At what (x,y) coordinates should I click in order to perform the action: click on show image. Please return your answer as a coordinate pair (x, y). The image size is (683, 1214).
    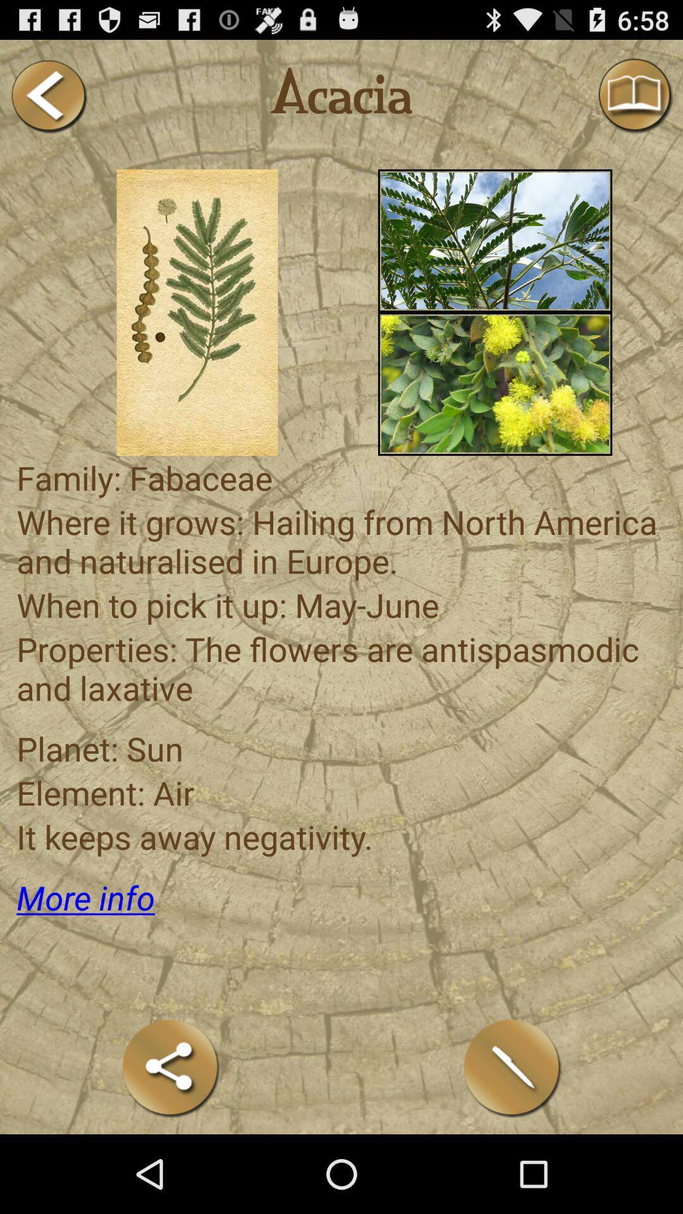
    Looking at the image, I should click on (495, 240).